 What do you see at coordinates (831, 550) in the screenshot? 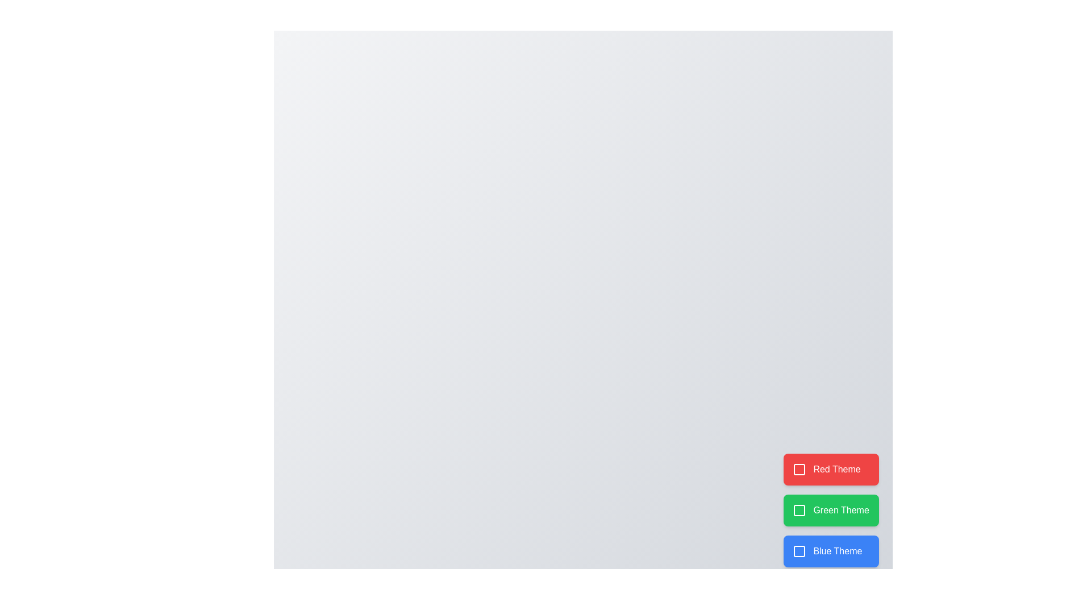
I see `the button corresponding to the selected theme: Blue` at bounding box center [831, 550].